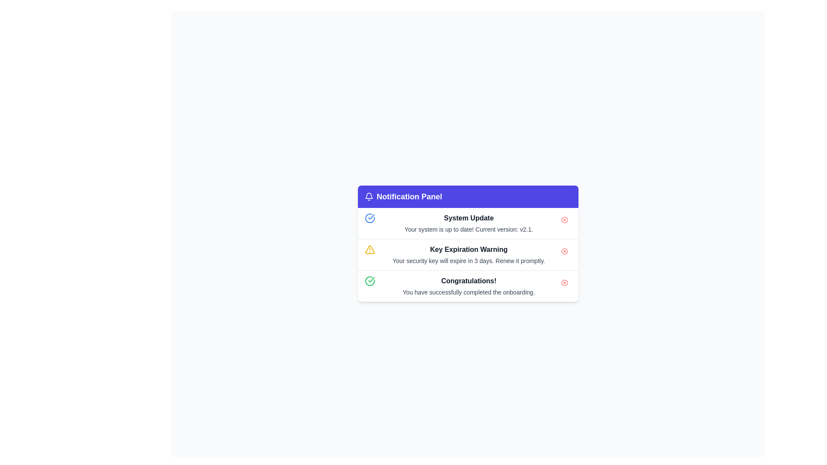  What do you see at coordinates (468, 281) in the screenshot?
I see `the 'Congratulations!' text label which is the main heading of the notification indicating successful completion of an onboarding process` at bounding box center [468, 281].